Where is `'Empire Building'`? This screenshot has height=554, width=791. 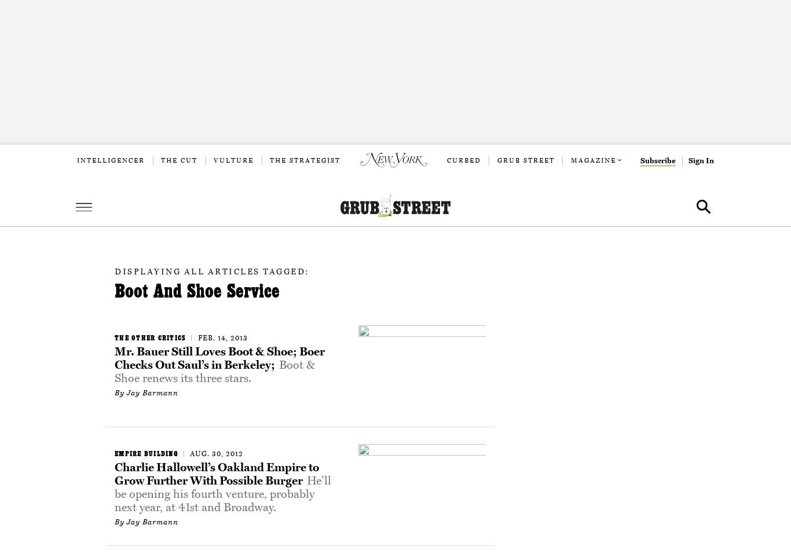 'Empire Building' is located at coordinates (146, 453).